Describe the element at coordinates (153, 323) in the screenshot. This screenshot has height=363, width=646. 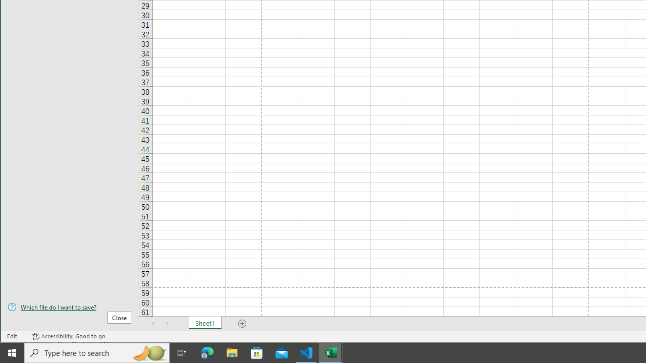
I see `'Scroll Left'` at that location.